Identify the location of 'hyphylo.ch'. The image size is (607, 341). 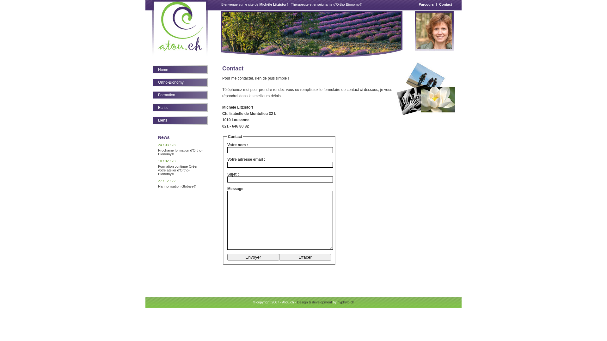
(346, 302).